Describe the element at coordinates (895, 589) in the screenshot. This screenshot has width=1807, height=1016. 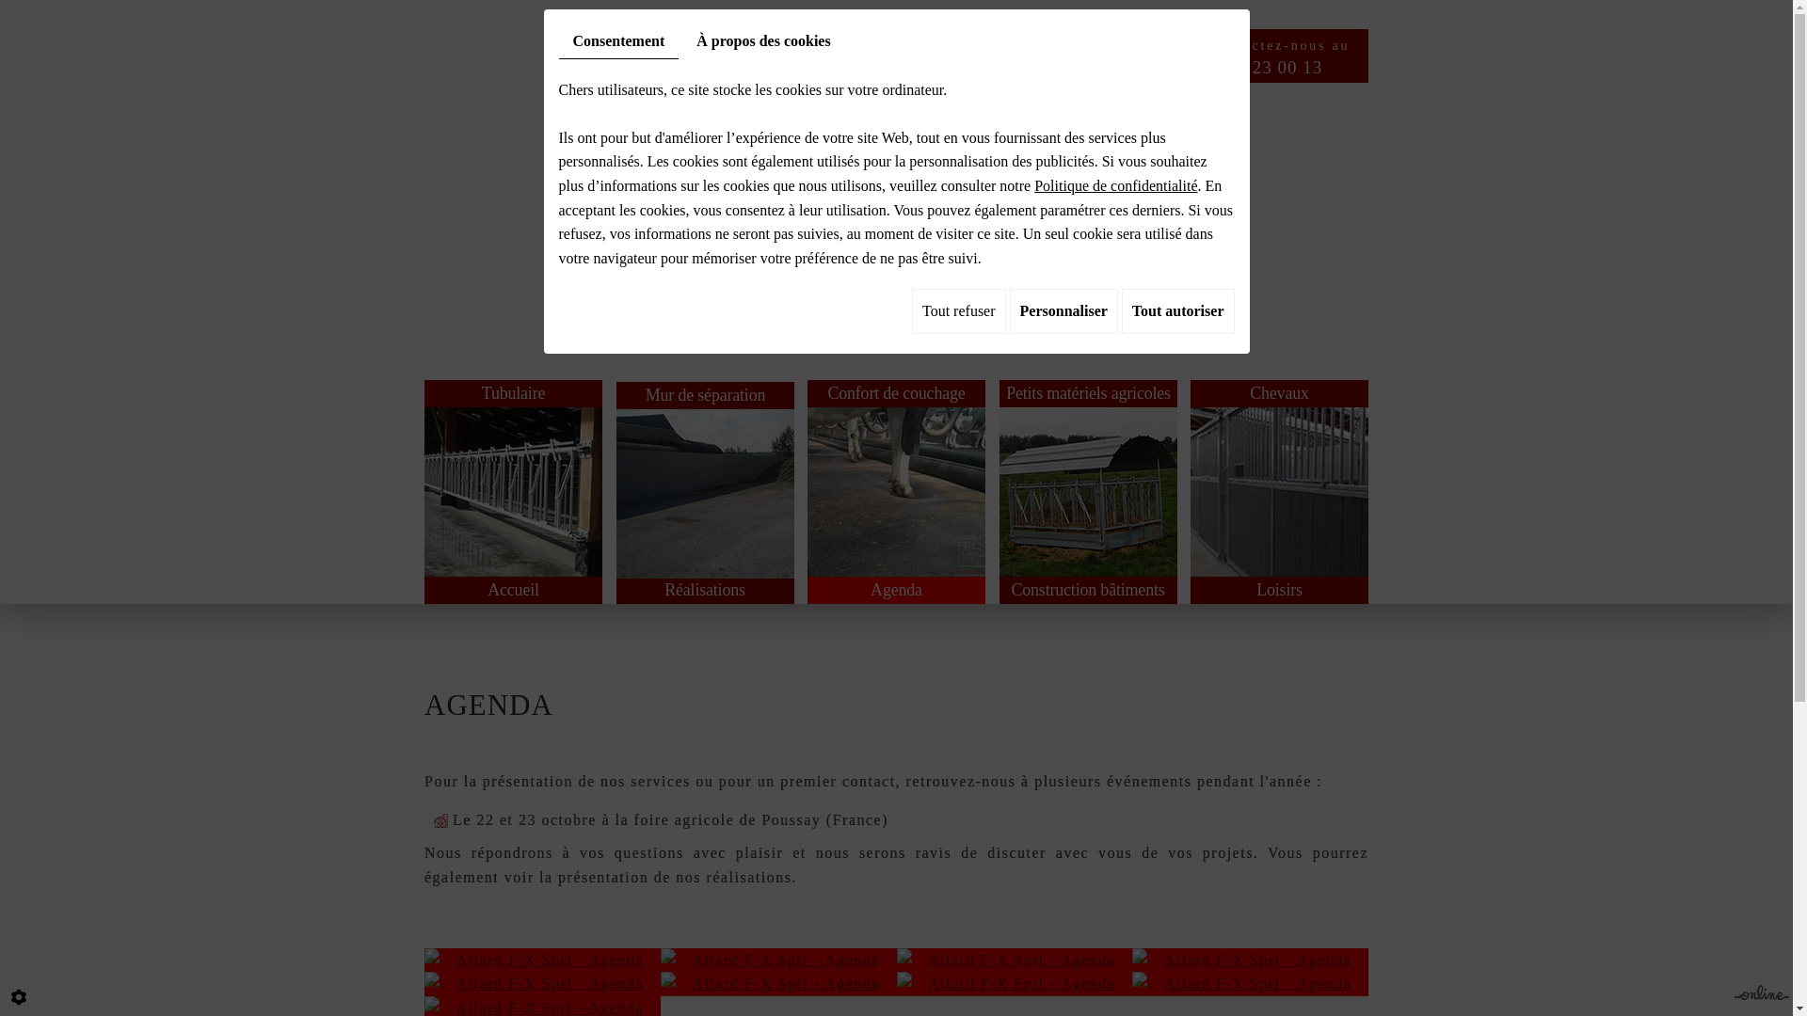
I see `'Agenda'` at that location.